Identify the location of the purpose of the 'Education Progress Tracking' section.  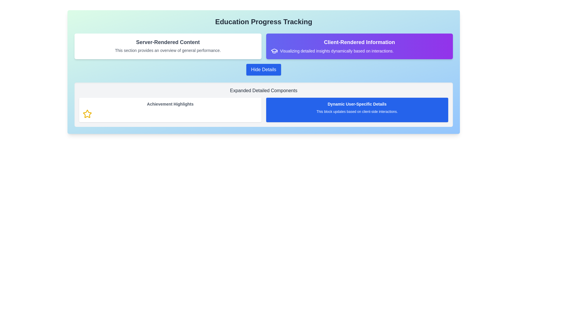
(263, 21).